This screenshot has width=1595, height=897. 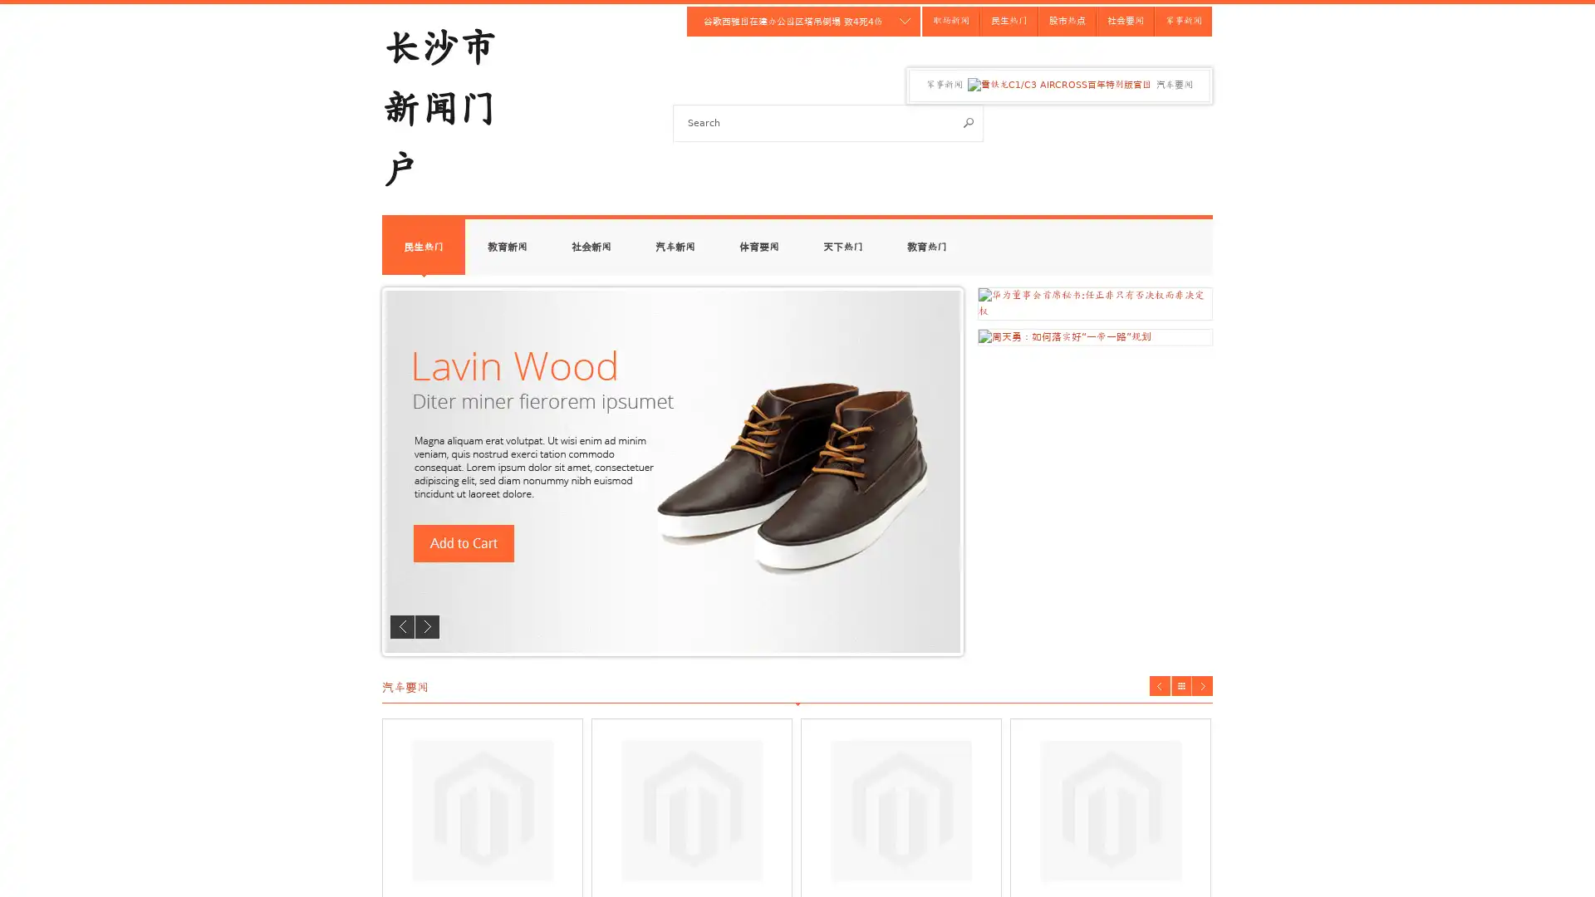 I want to click on Search, so click(x=969, y=121).